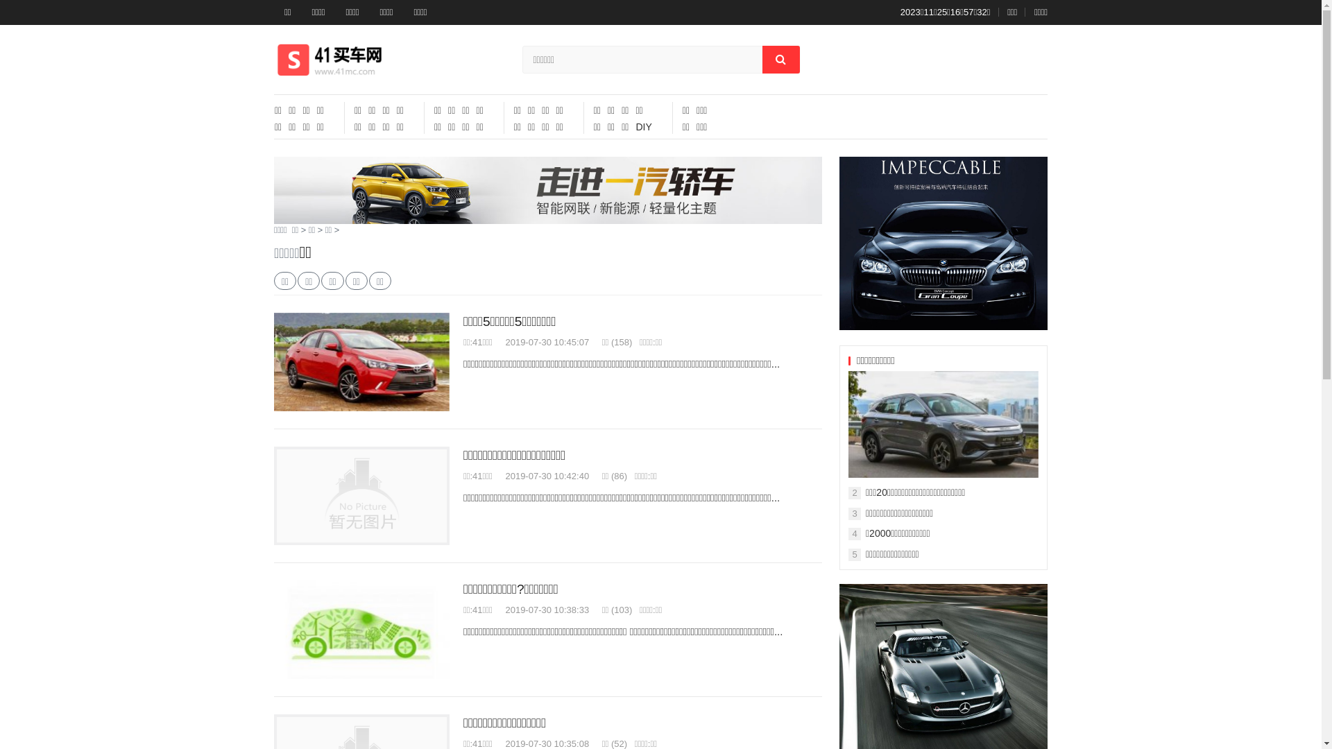 The height and width of the screenshot is (749, 1332). Describe the element at coordinates (642, 126) in the screenshot. I see `'DIY'` at that location.